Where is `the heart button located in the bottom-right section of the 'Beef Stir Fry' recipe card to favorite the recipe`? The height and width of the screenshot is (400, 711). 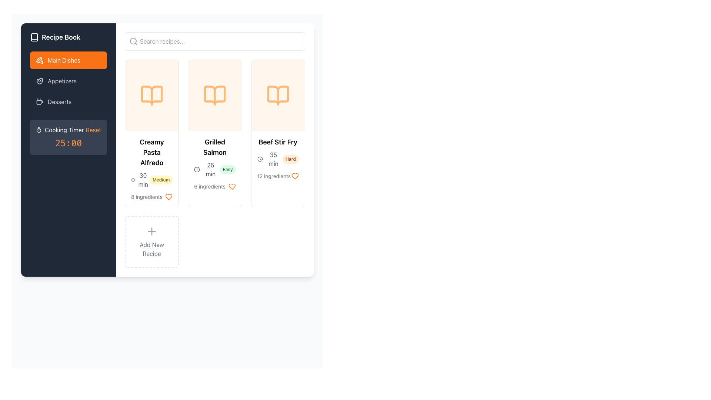 the heart button located in the bottom-right section of the 'Beef Stir Fry' recipe card to favorite the recipe is located at coordinates (294, 176).